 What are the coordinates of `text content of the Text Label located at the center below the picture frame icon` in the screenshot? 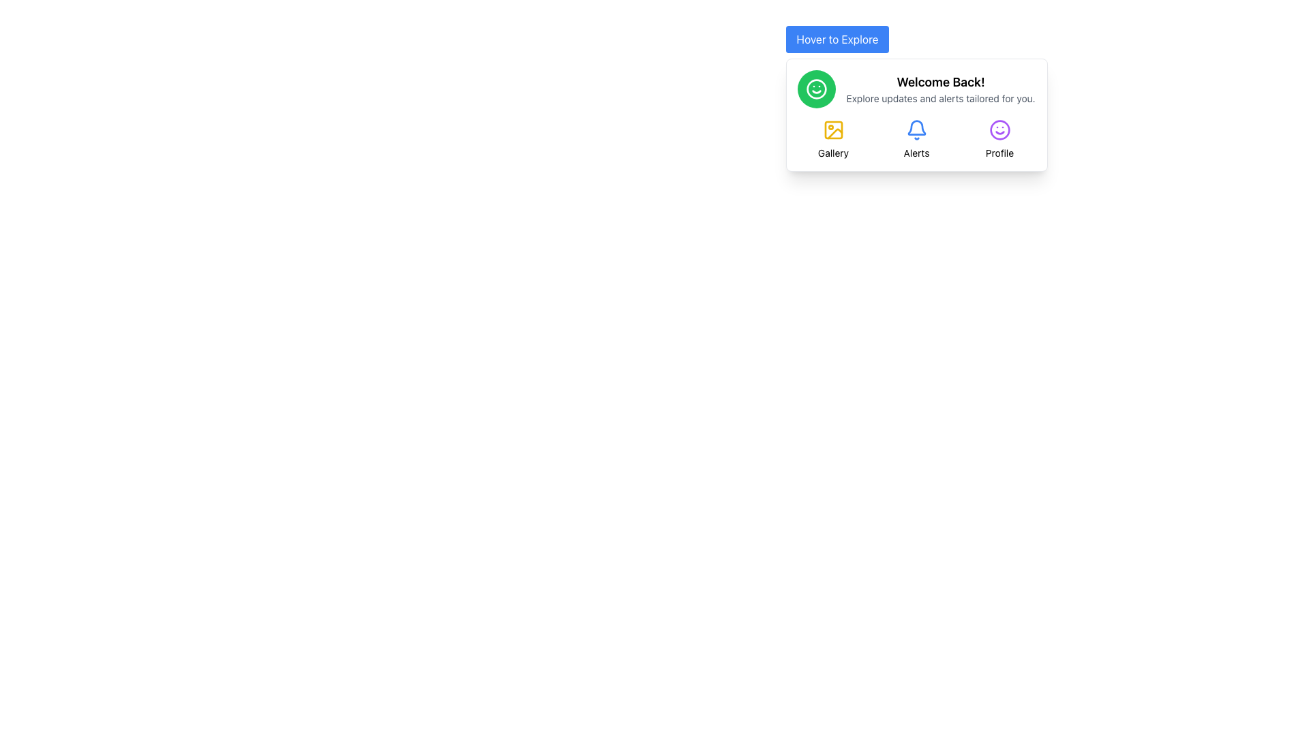 It's located at (832, 153).